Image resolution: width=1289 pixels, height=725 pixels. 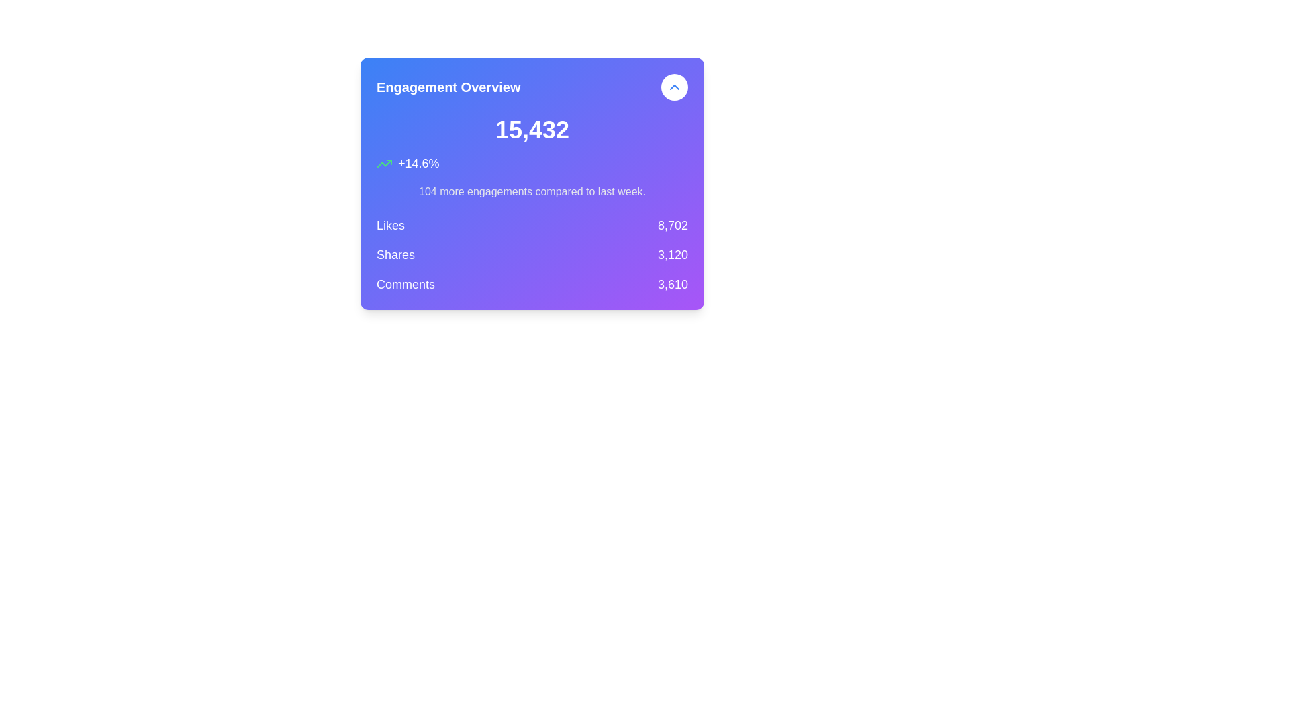 What do you see at coordinates (418, 162) in the screenshot?
I see `the trend percentage value text label located in the 'Engagement Overview' card, which is positioned center-right and next to a green uptrend icon` at bounding box center [418, 162].